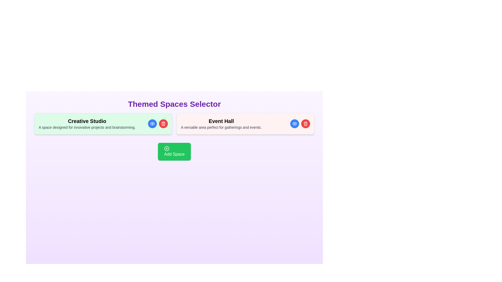 This screenshot has height=282, width=502. Describe the element at coordinates (87, 121) in the screenshot. I see `the 'Creative Studio' header text label, which is bold and prominently displayed in a large font within a light green background, located at the top center of its section` at that location.